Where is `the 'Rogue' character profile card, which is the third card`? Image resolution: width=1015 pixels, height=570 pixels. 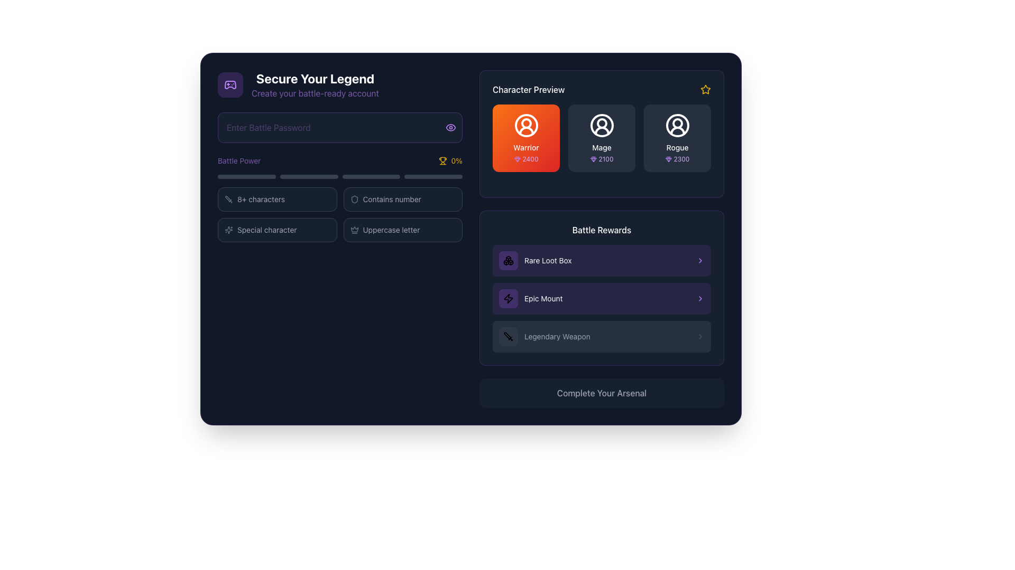
the 'Rogue' character profile card, which is the third card is located at coordinates (677, 138).